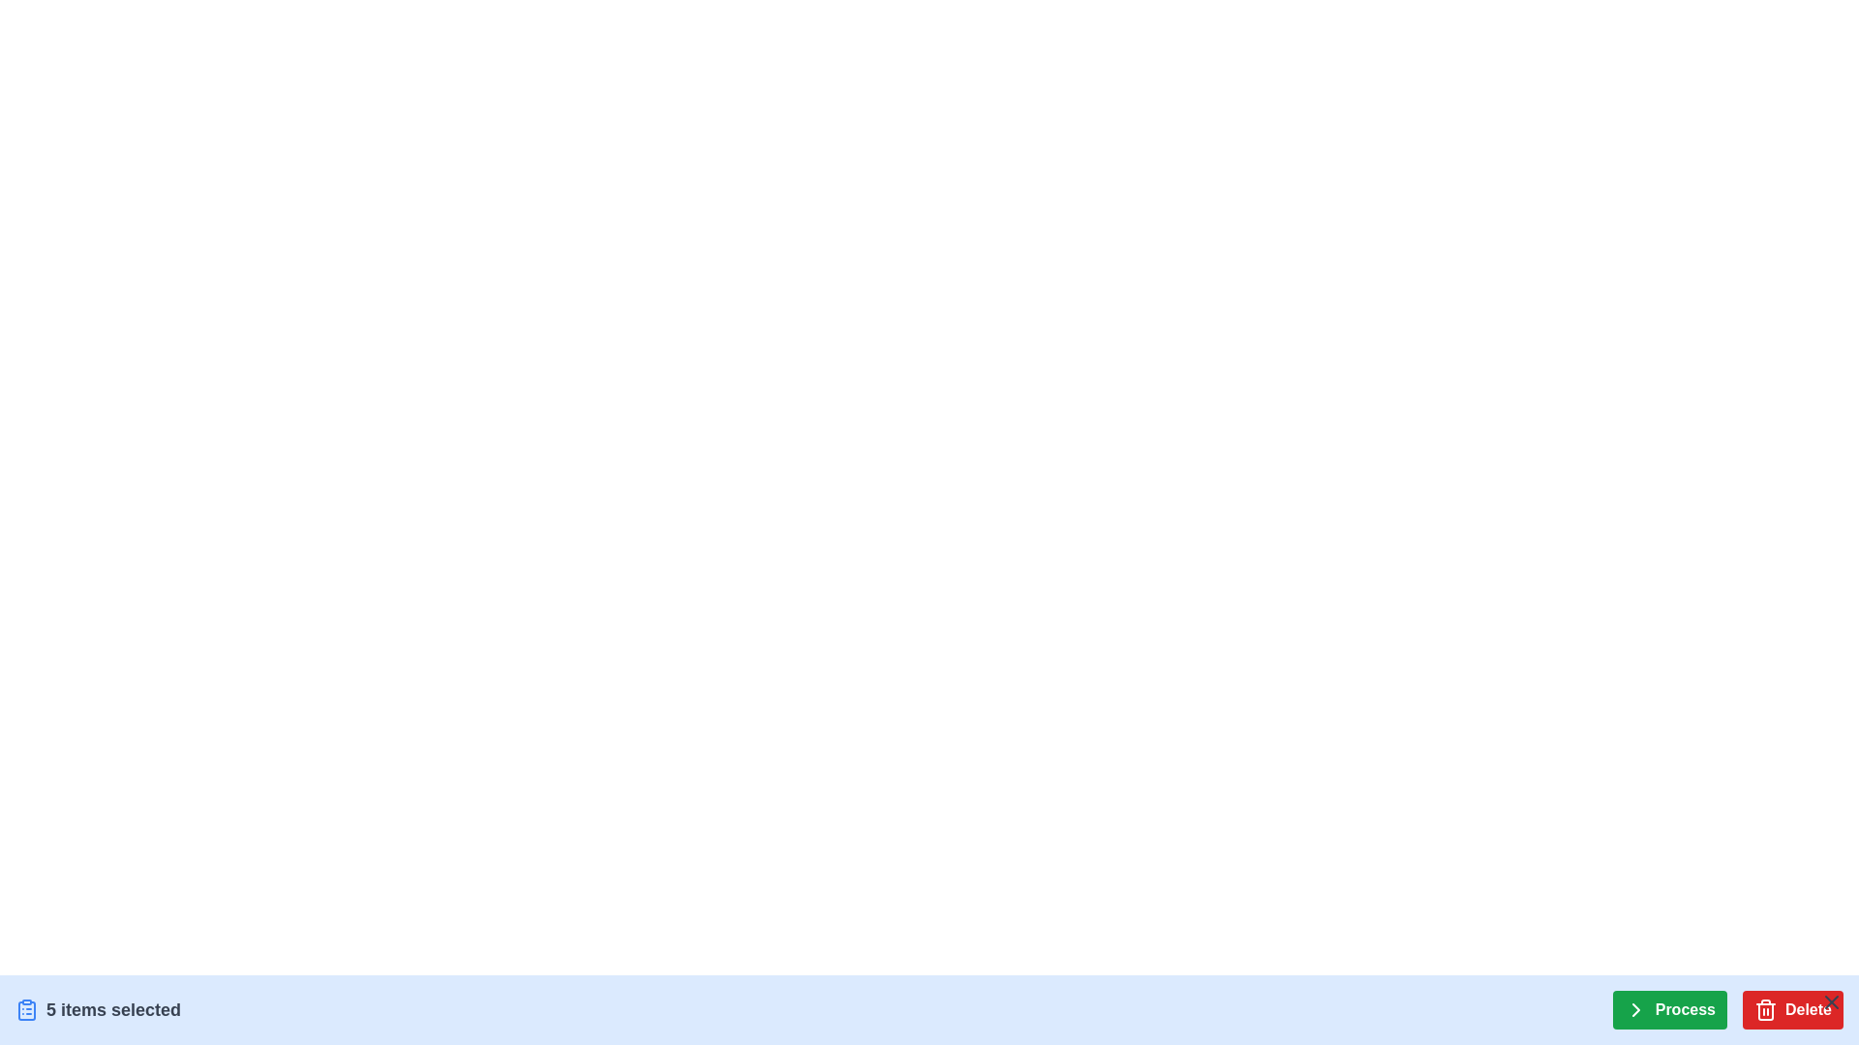 This screenshot has height=1045, width=1859. Describe the element at coordinates (27, 1009) in the screenshot. I see `the clipboard icon, which symbolizes the selection of items and is located at the leftmost part of the layout` at that location.